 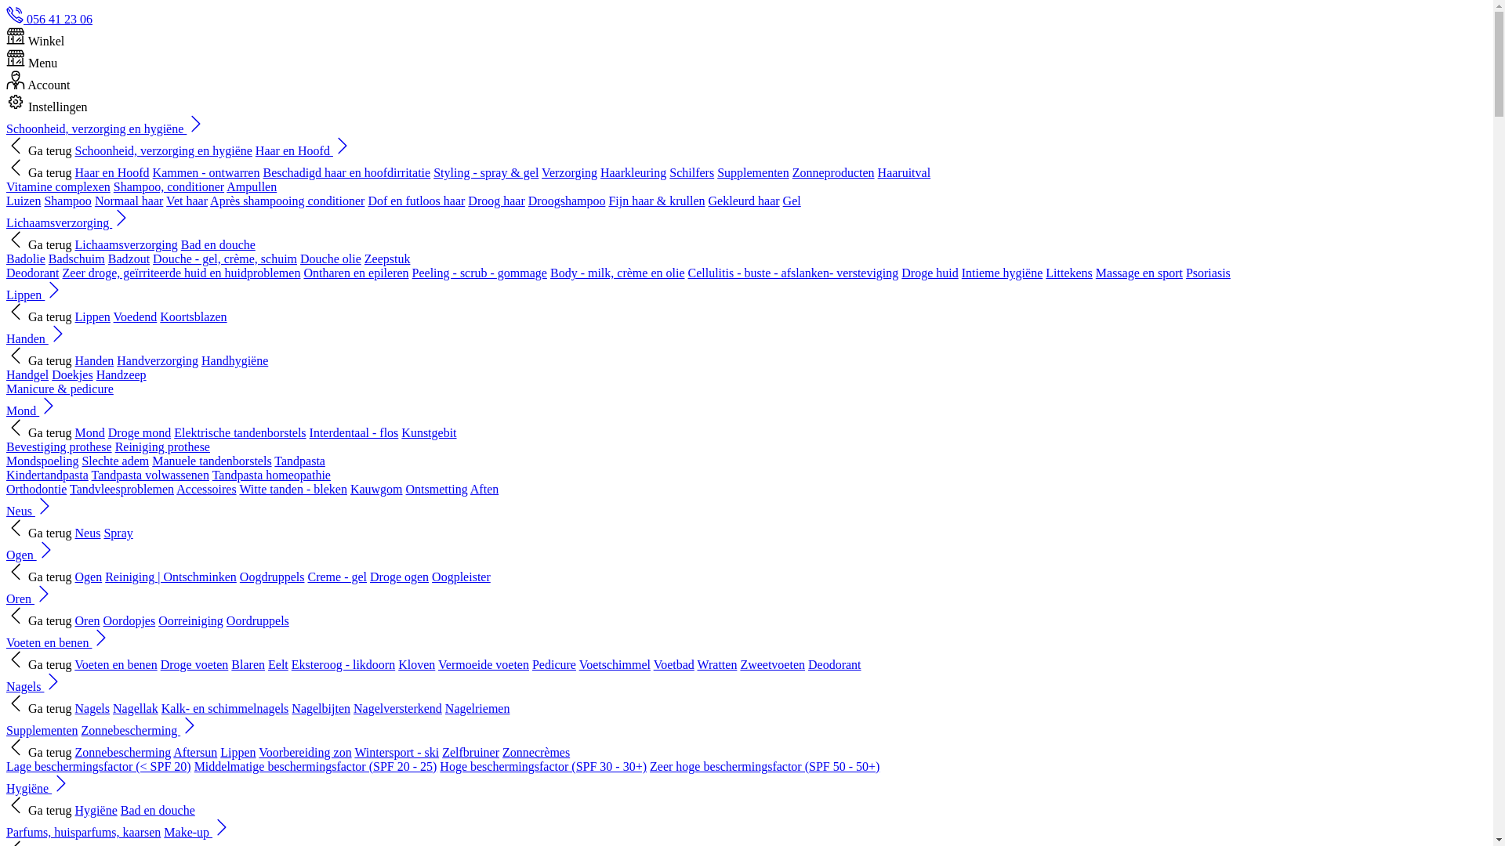 What do you see at coordinates (129, 620) in the screenshot?
I see `'Oordopjes'` at bounding box center [129, 620].